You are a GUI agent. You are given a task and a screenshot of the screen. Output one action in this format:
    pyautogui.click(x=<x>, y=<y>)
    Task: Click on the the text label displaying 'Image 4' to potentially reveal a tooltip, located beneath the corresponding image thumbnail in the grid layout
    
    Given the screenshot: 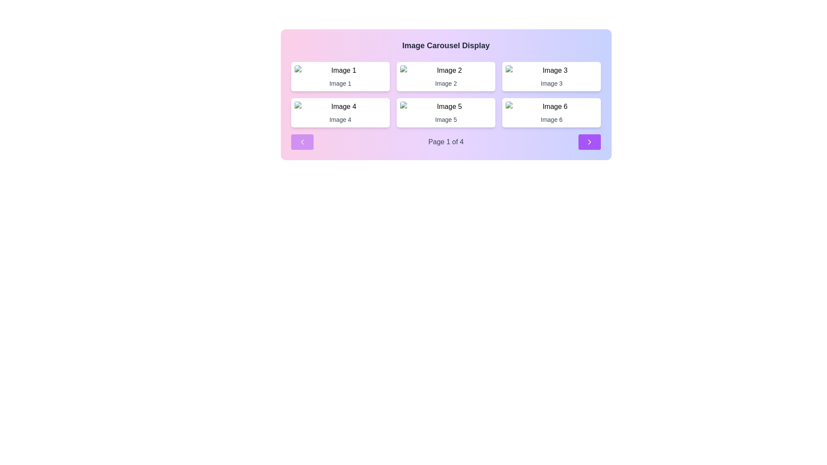 What is the action you would take?
    pyautogui.click(x=340, y=119)
    